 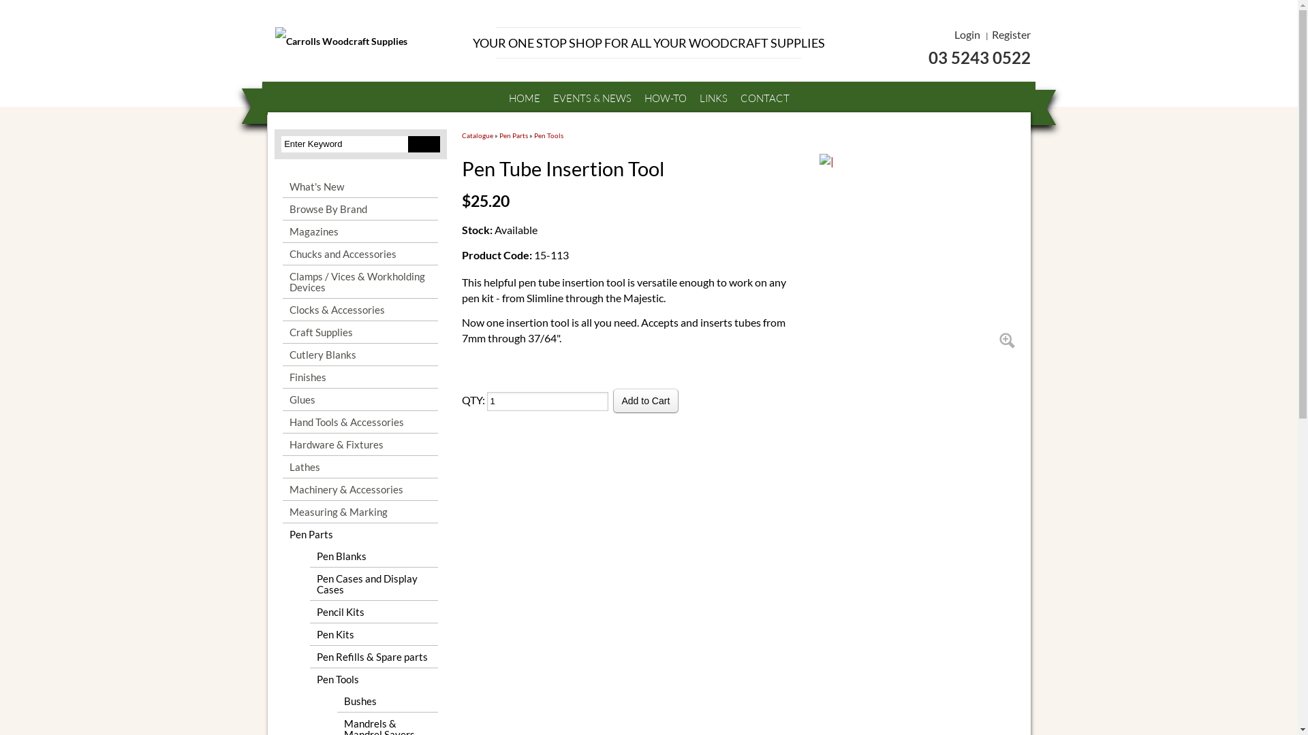 What do you see at coordinates (360, 186) in the screenshot?
I see `'What's New'` at bounding box center [360, 186].